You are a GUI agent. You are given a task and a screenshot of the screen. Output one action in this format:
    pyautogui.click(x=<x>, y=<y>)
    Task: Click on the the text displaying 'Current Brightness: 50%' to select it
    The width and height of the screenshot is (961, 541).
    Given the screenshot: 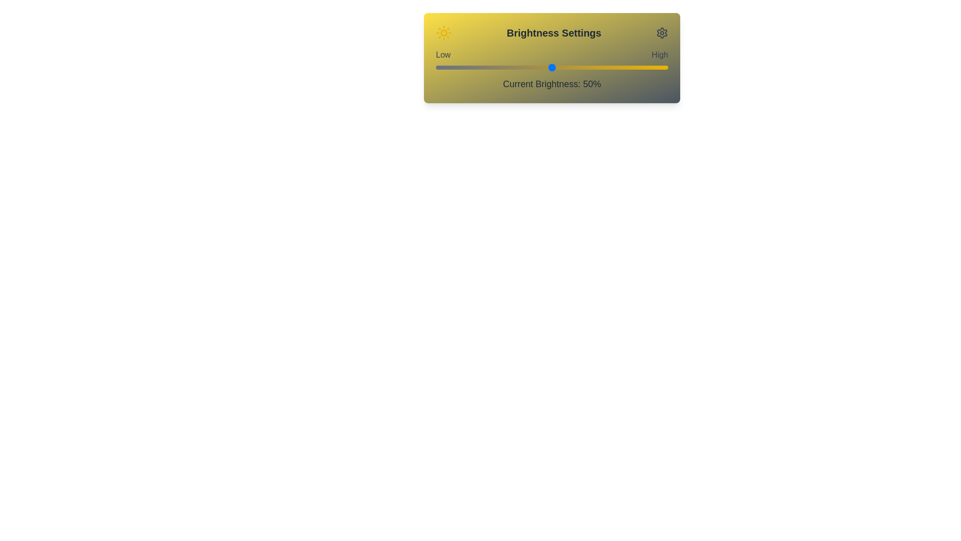 What is the action you would take?
    pyautogui.click(x=552, y=84)
    